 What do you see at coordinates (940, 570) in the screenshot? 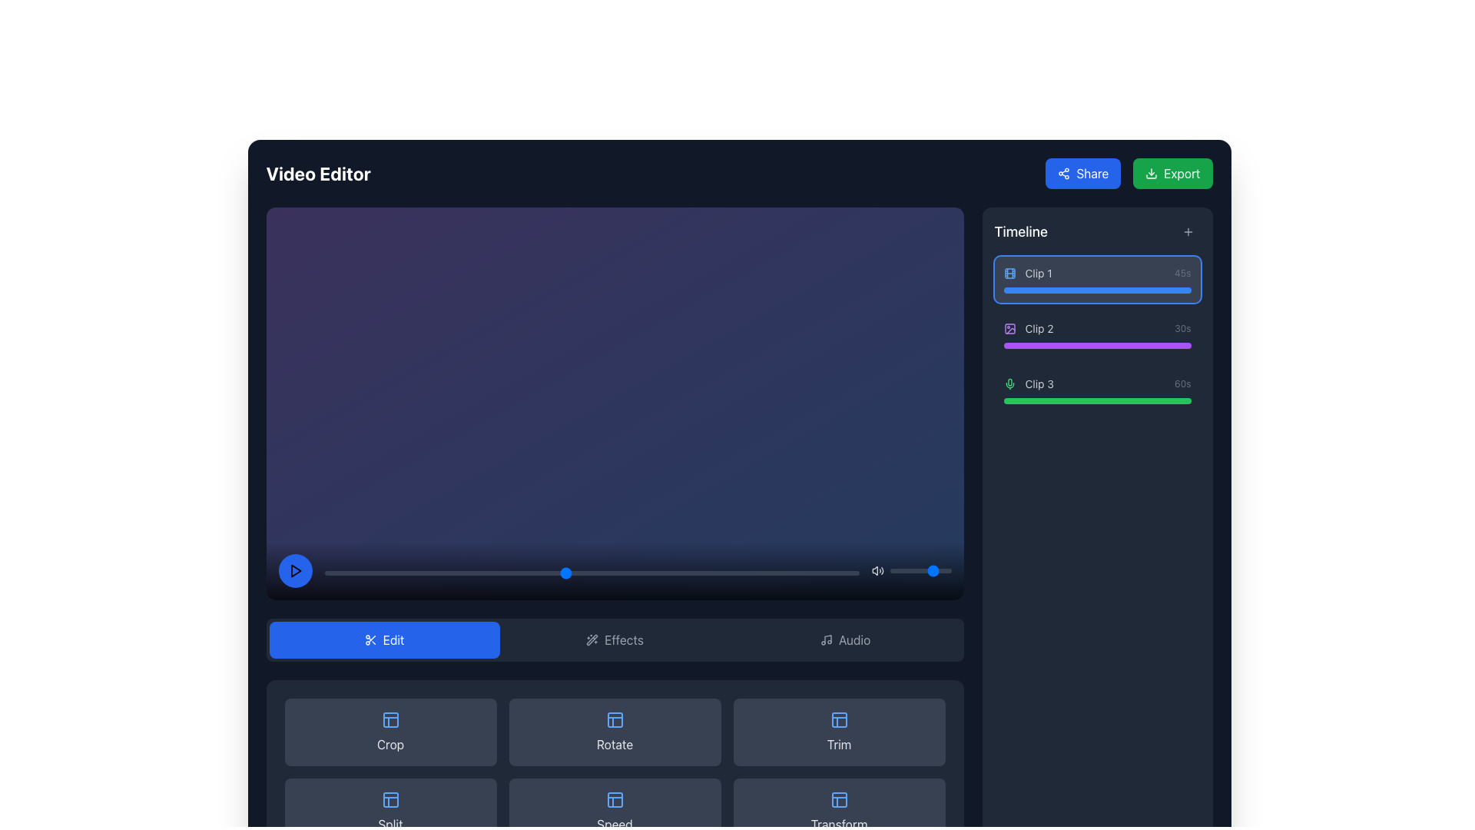
I see `the slider` at bounding box center [940, 570].